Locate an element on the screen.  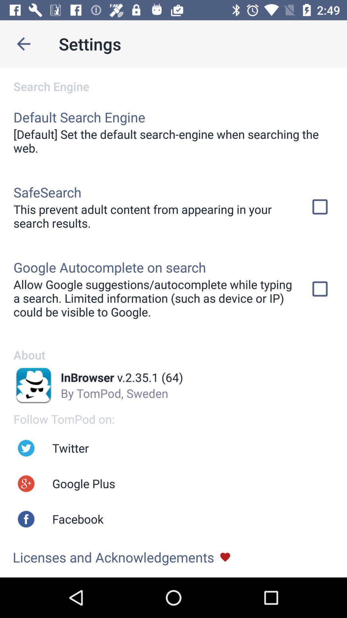
the twitter item is located at coordinates (70, 448).